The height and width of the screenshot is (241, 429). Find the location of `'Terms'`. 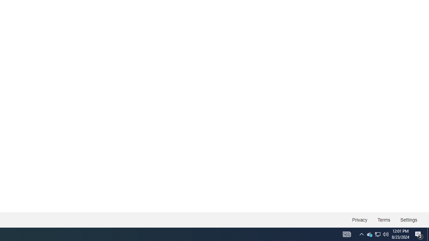

'Terms' is located at coordinates (384, 220).